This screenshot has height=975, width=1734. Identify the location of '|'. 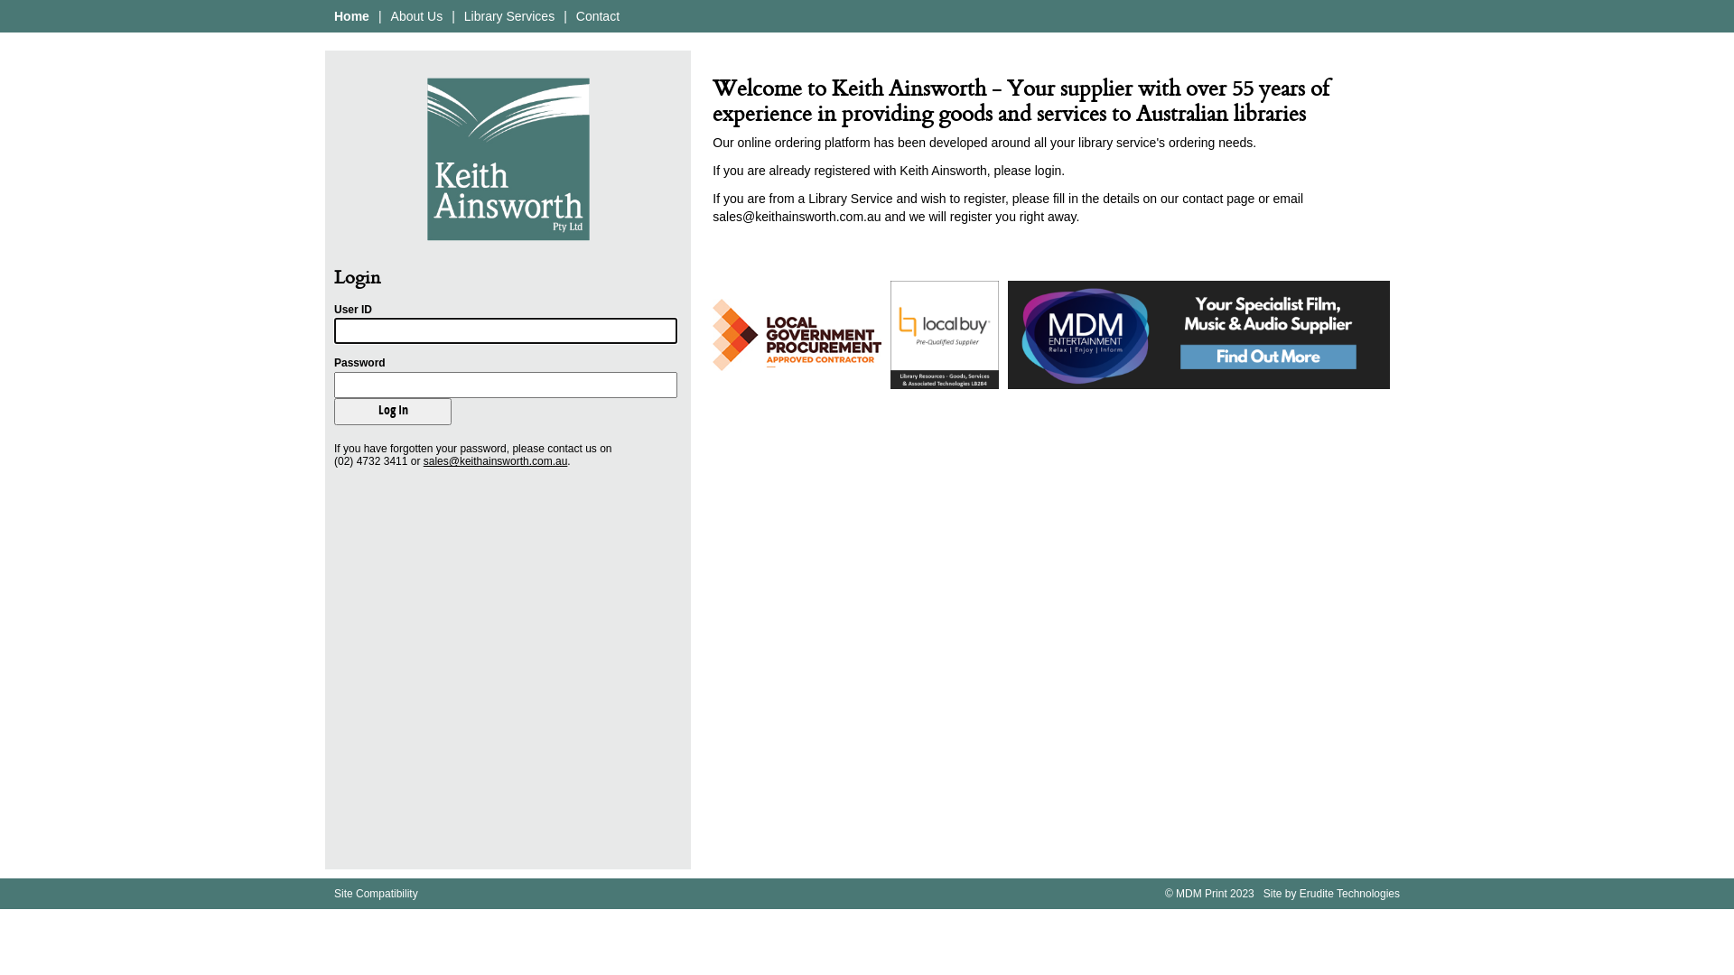
(563, 16).